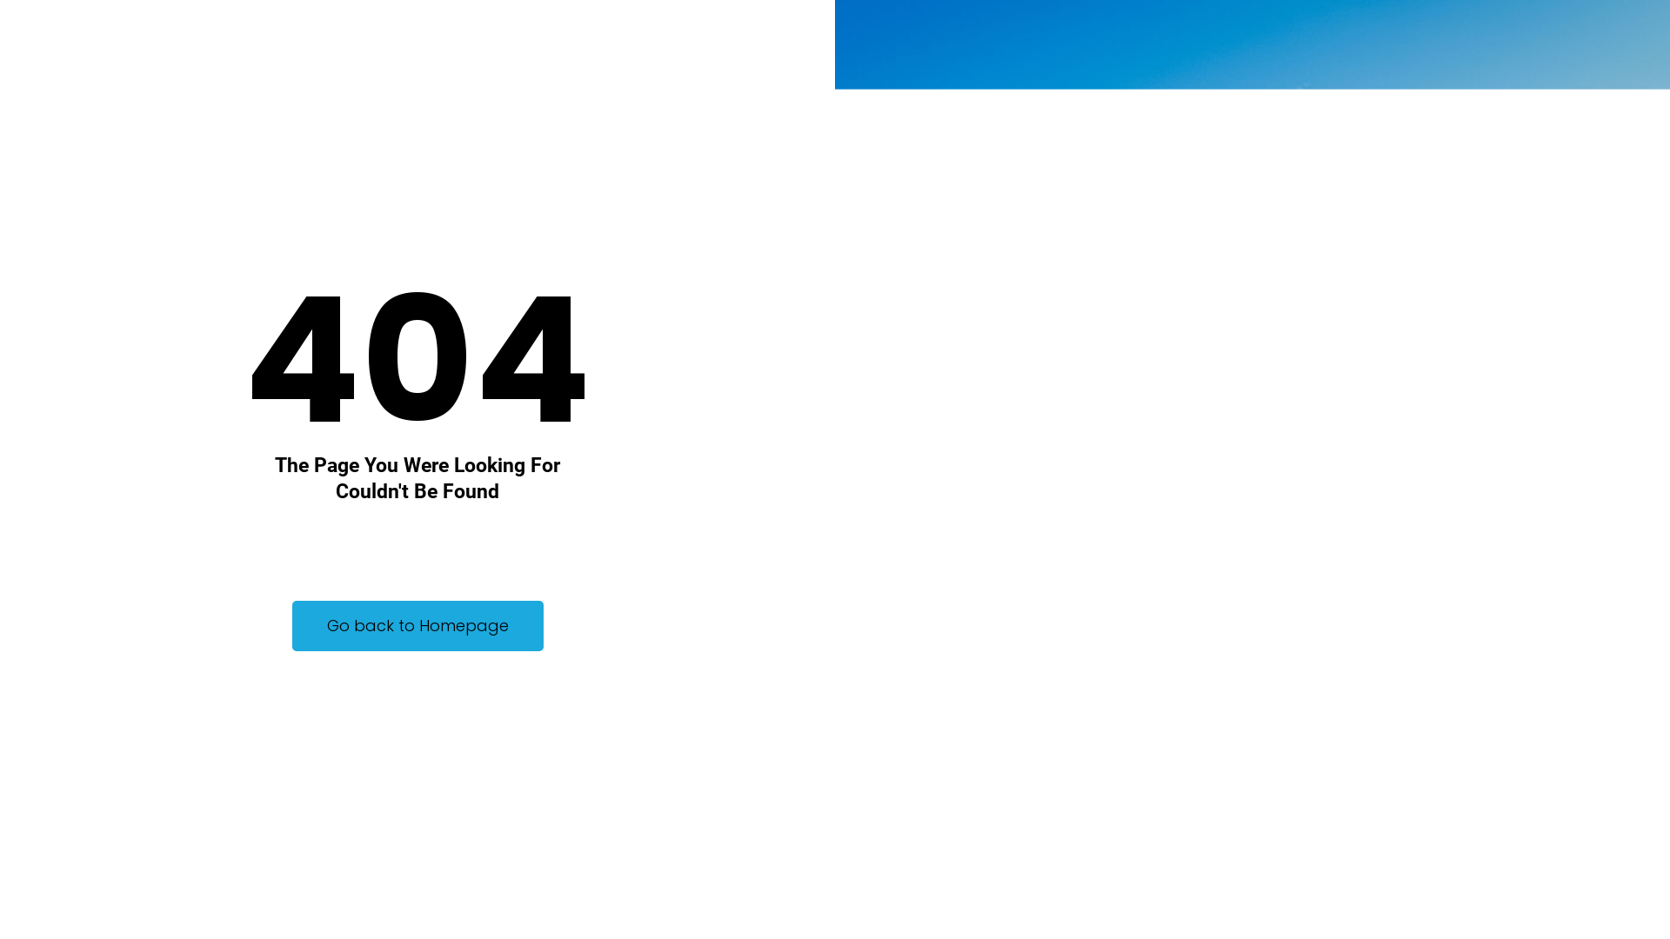  I want to click on 'Go back to Homepage', so click(417, 626).